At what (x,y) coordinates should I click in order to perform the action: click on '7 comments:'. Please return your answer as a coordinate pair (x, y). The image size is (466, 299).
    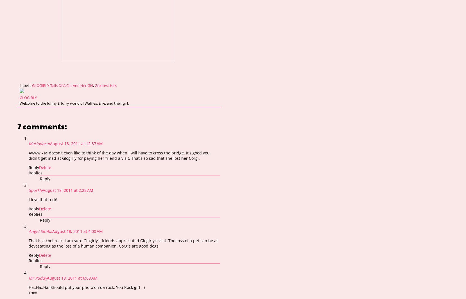
    Looking at the image, I should click on (17, 126).